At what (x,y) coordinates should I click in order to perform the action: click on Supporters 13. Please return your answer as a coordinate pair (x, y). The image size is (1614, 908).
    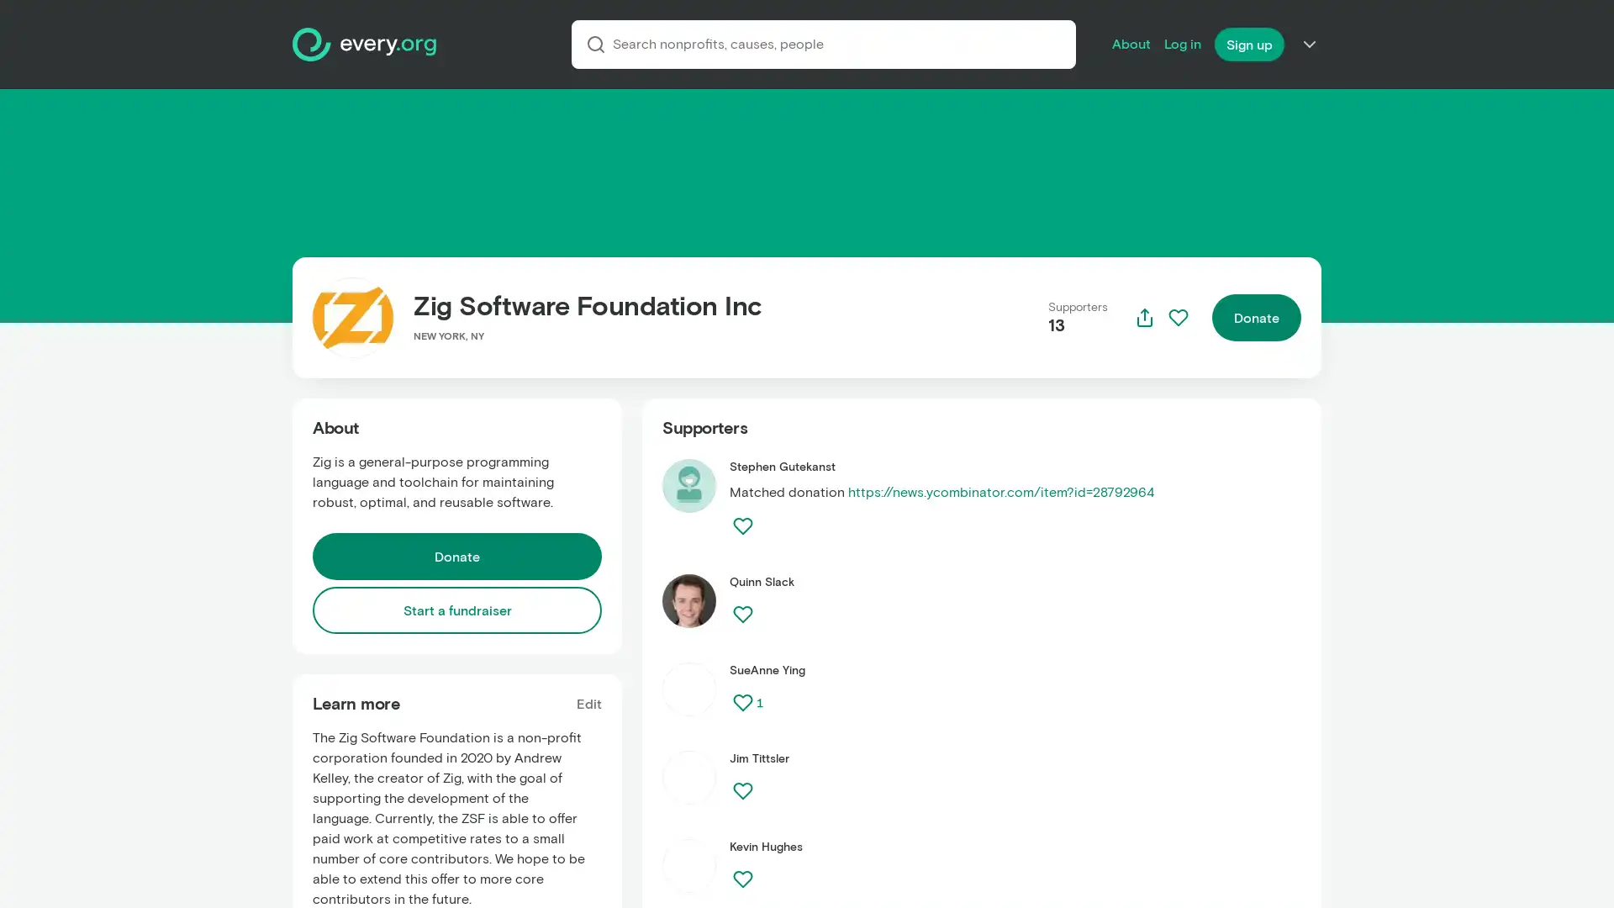
    Looking at the image, I should click on (1078, 318).